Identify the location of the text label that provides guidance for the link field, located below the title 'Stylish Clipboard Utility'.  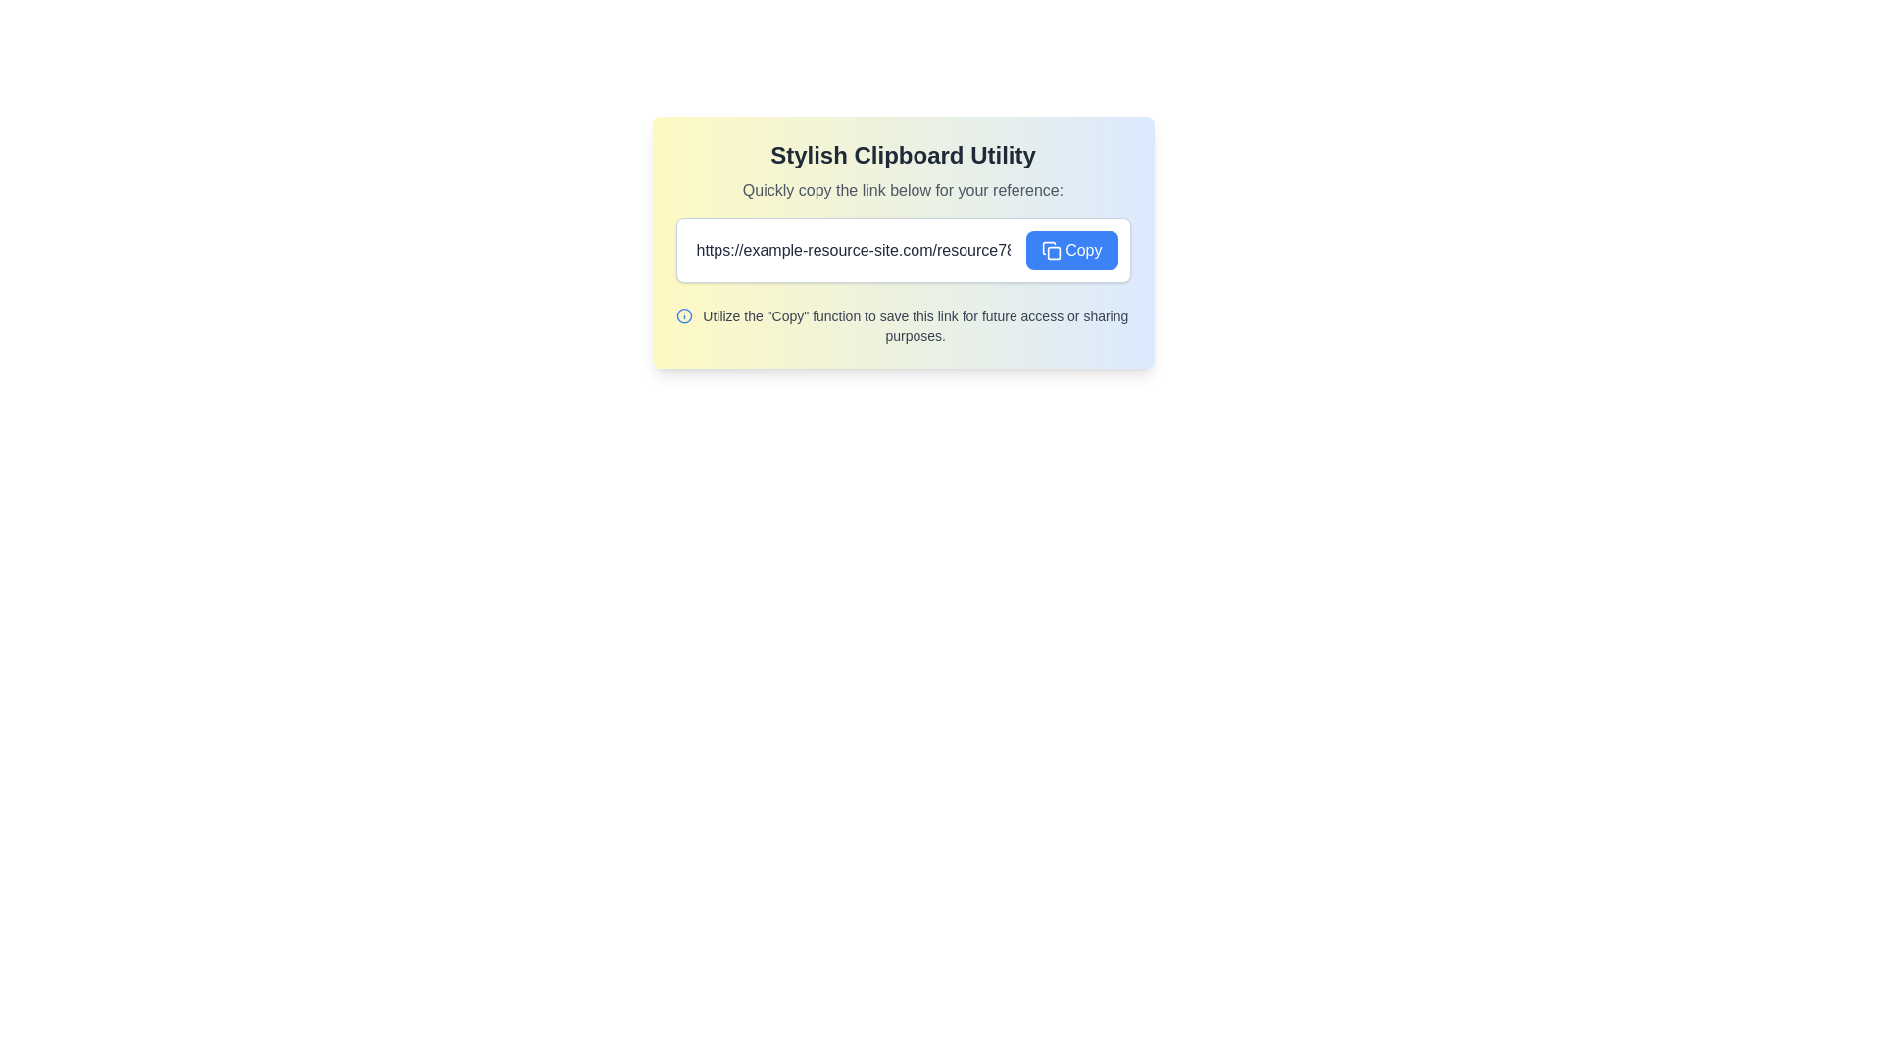
(902, 191).